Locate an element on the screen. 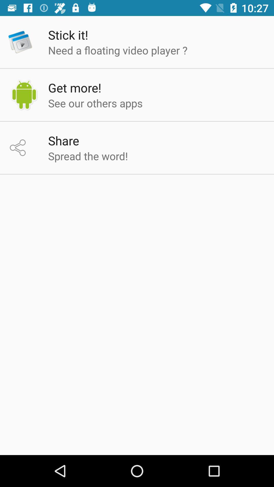 Image resolution: width=274 pixels, height=487 pixels. the app above get more! app is located at coordinates (118, 50).